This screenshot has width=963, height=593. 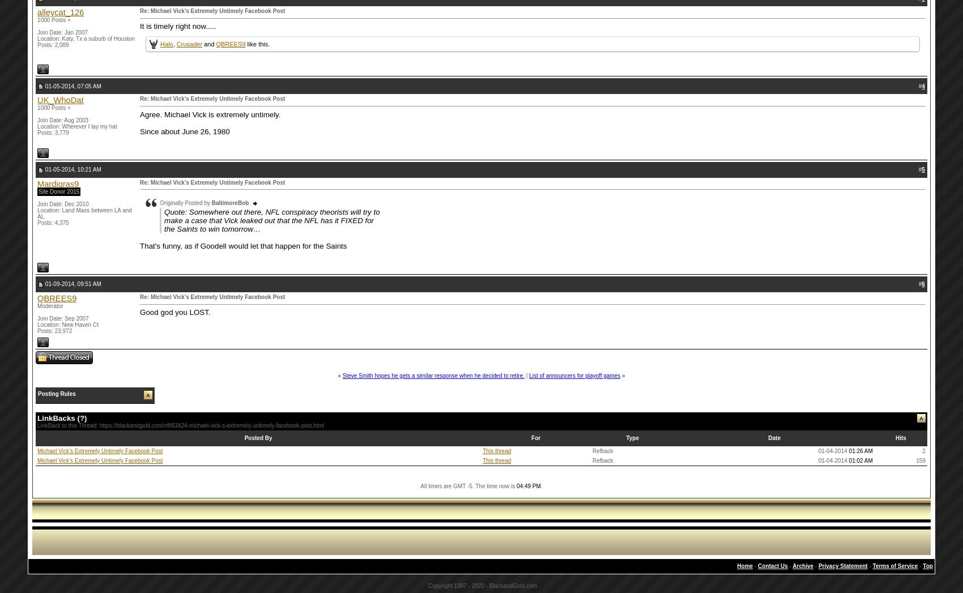 What do you see at coordinates (53, 45) in the screenshot?
I see `'Posts: 2,089'` at bounding box center [53, 45].